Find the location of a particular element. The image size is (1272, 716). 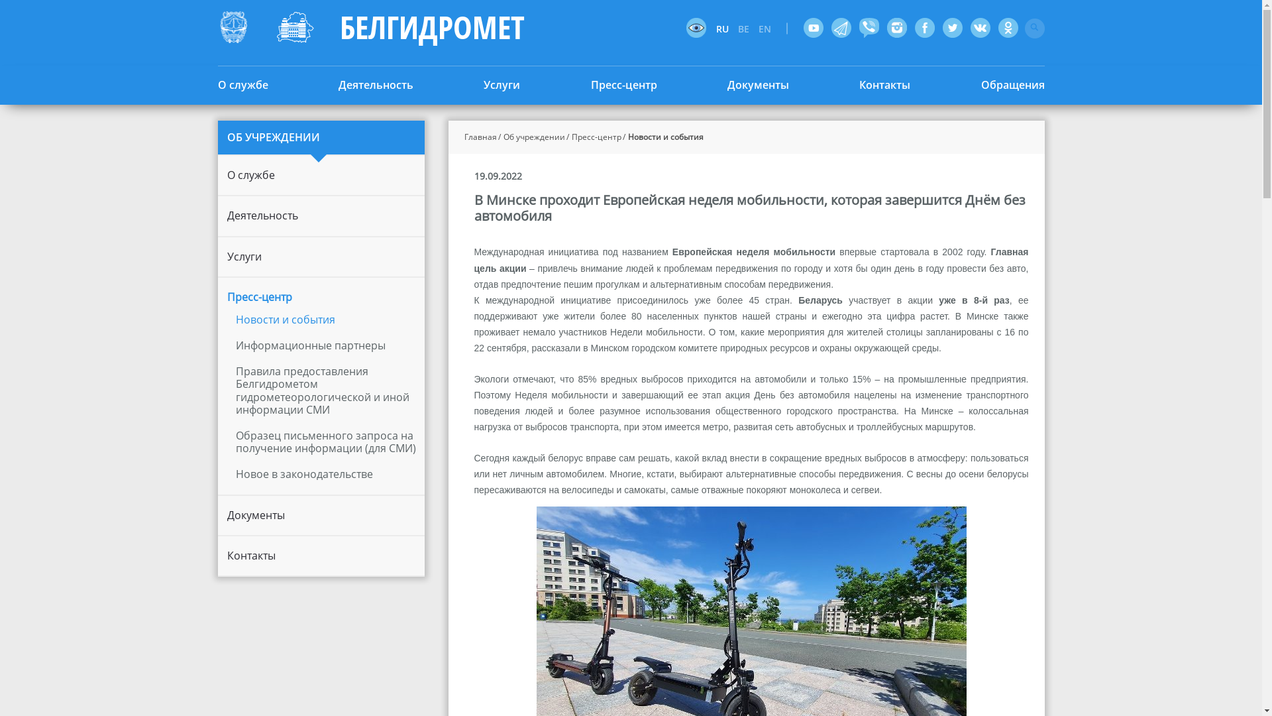

'BE' is located at coordinates (747, 29).